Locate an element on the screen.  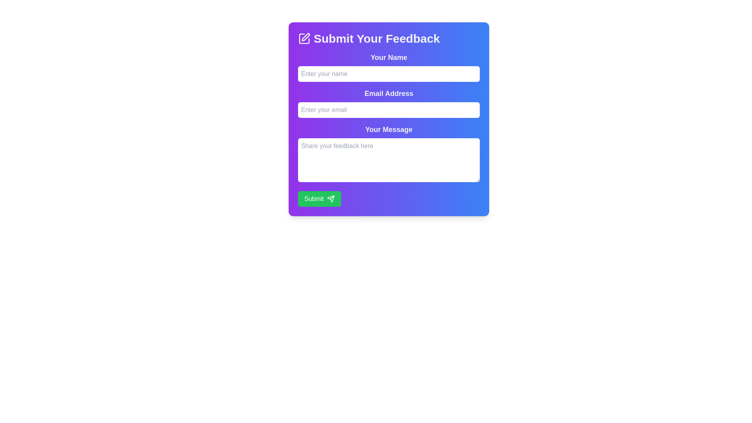
the forward-facing paper plane icon located within the green 'Submit' button at the bottom-left corner of the feedback form interface is located at coordinates (331, 199).